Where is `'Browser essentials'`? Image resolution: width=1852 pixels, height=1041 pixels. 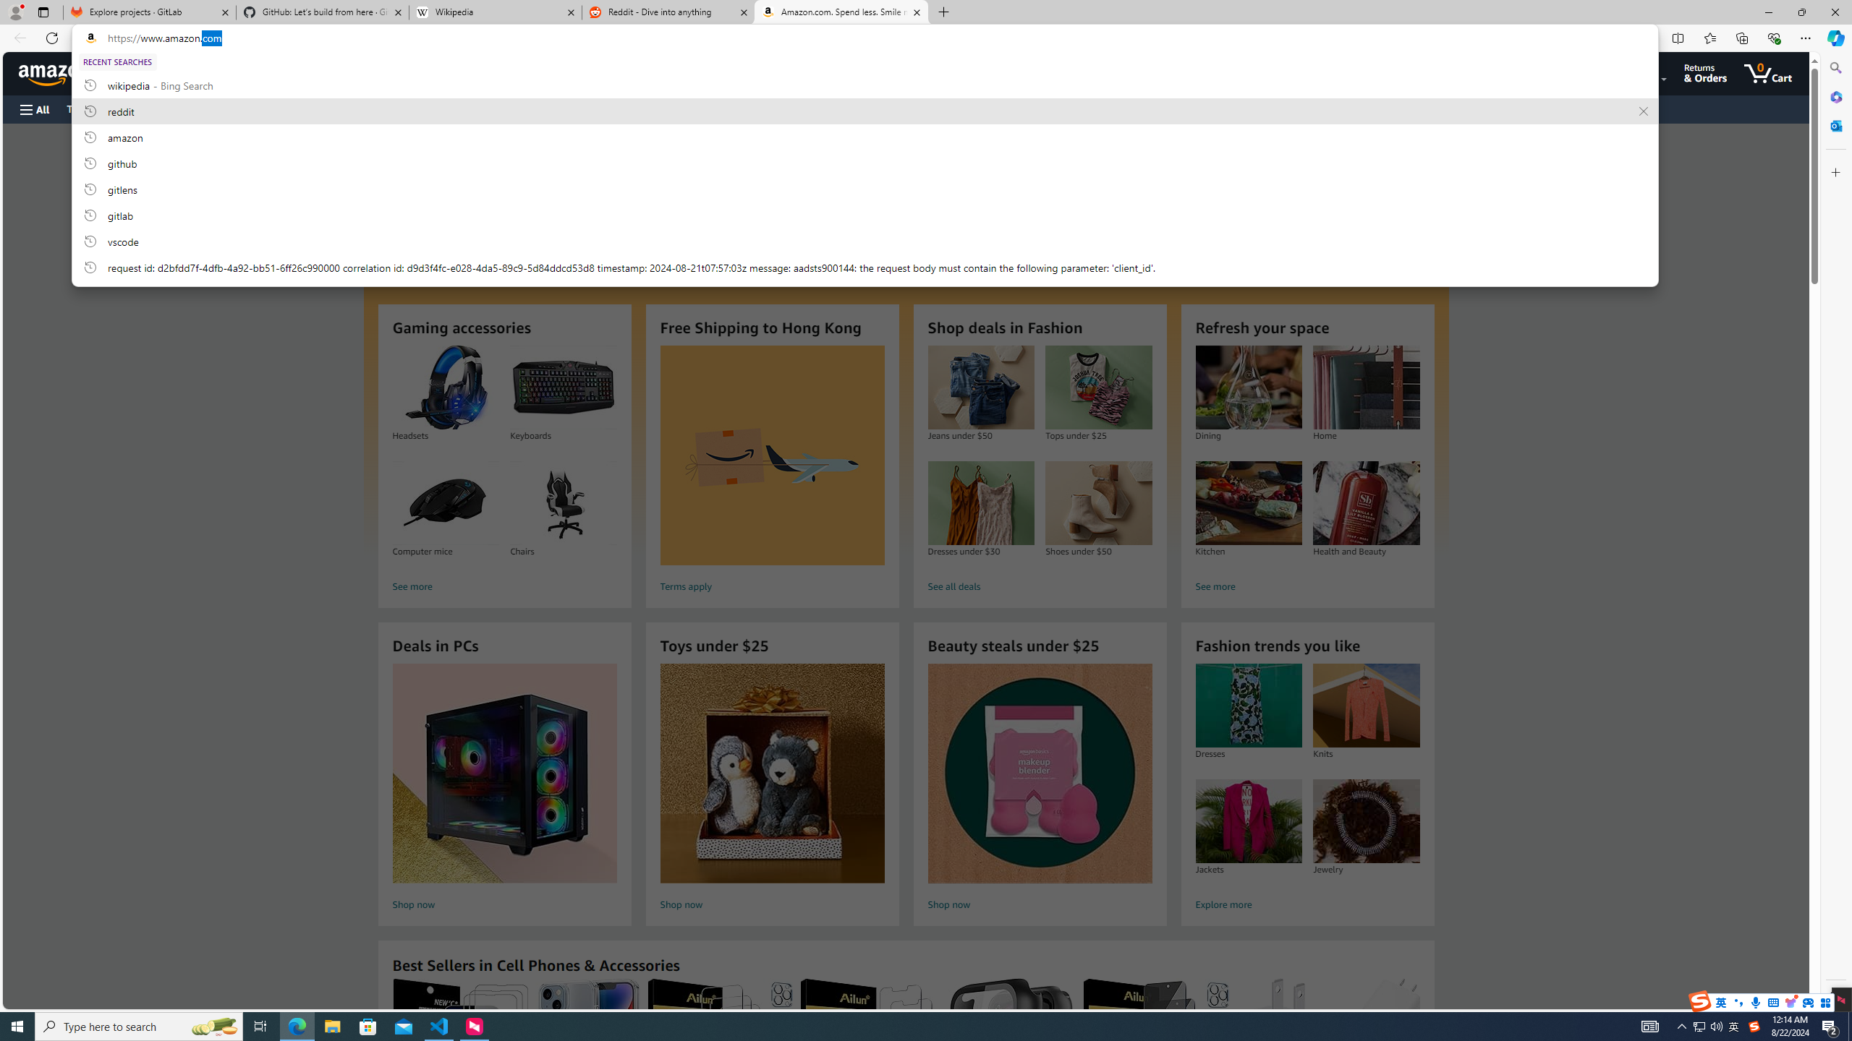 'Browser essentials' is located at coordinates (1773, 37).